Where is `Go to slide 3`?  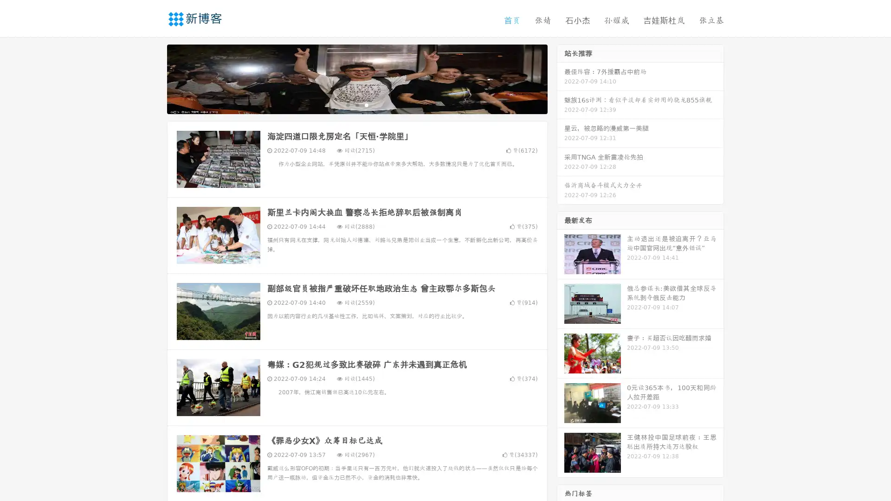 Go to slide 3 is located at coordinates (366, 104).